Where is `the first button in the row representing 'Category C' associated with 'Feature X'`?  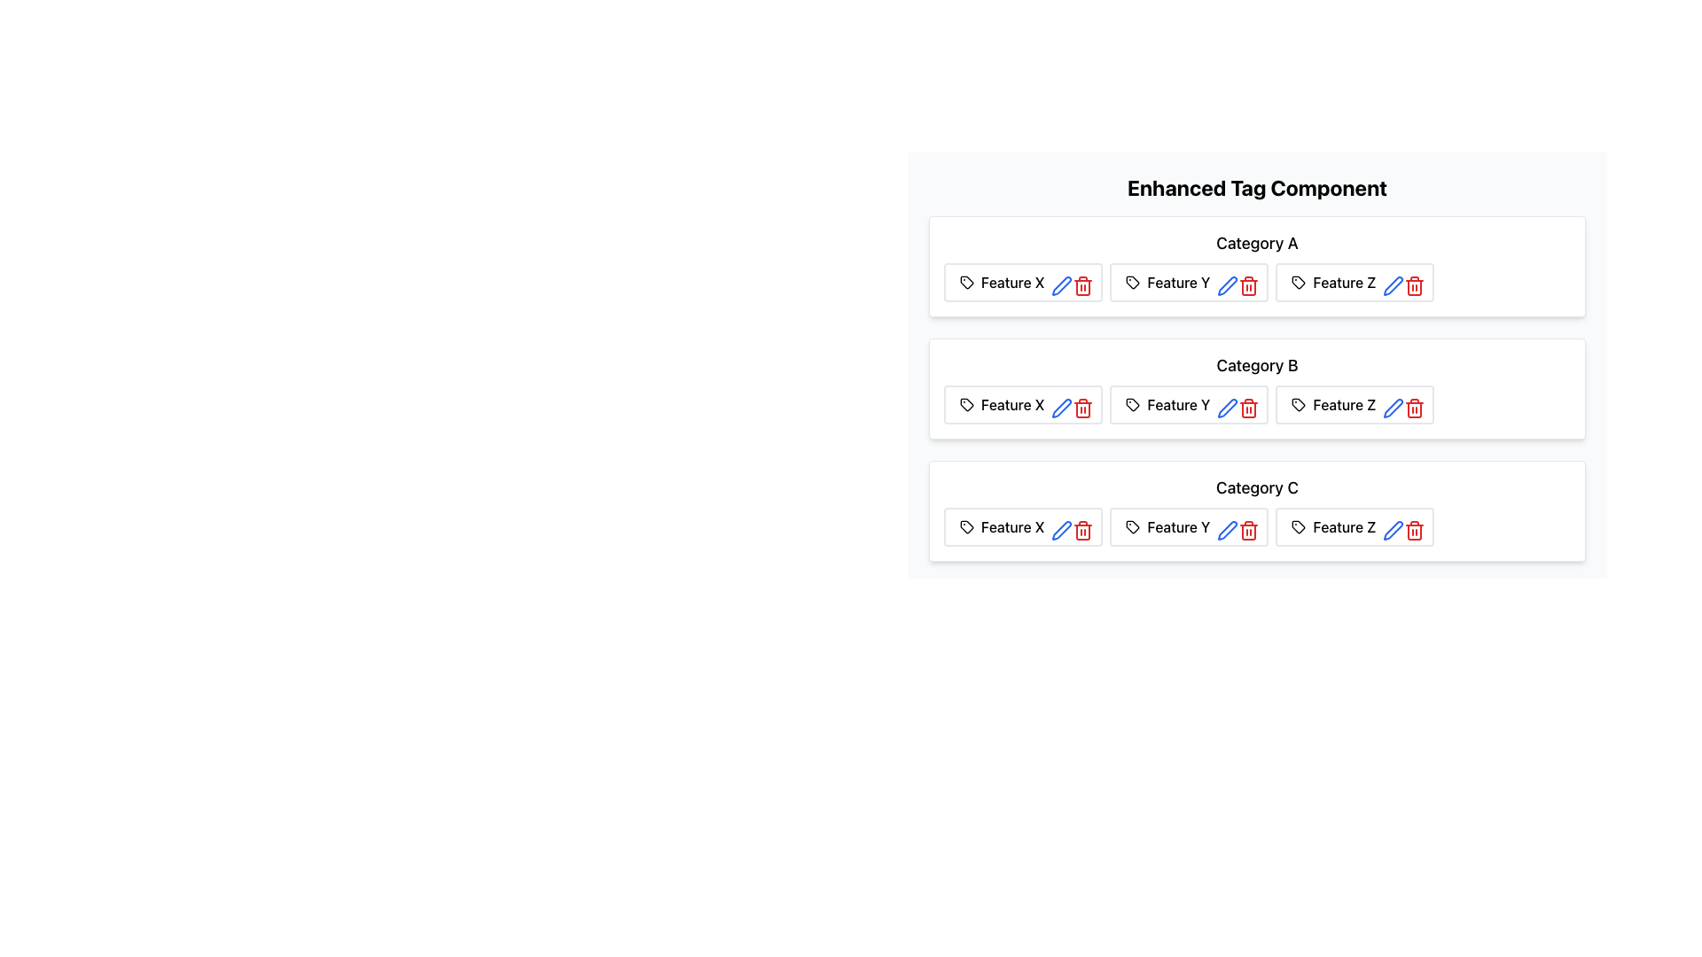 the first button in the row representing 'Category C' associated with 'Feature X' is located at coordinates (1023, 525).